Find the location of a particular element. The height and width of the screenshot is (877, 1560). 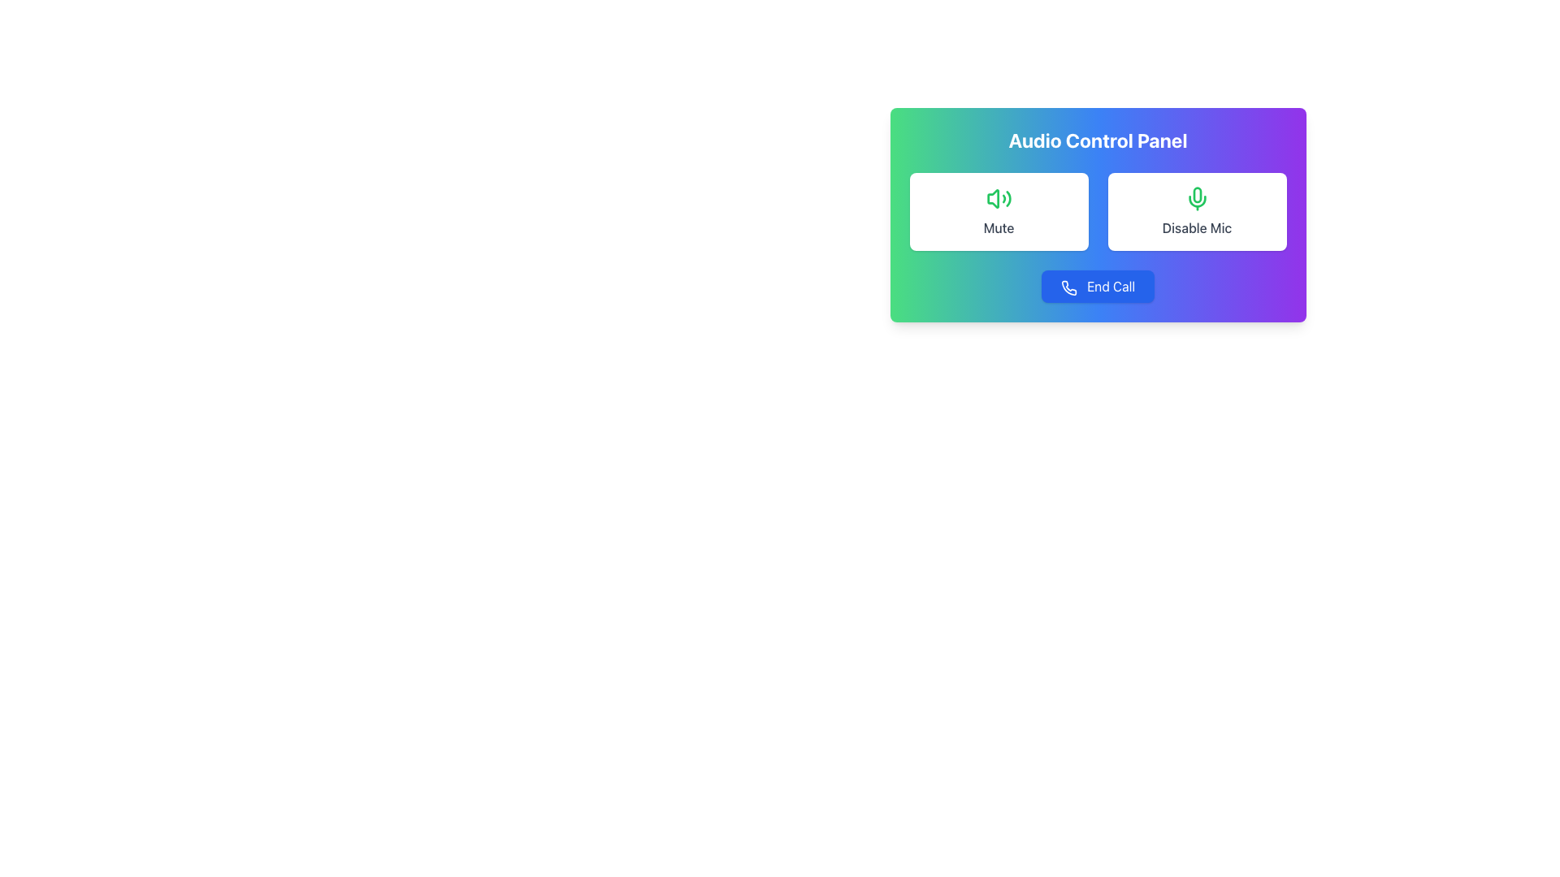

the 'Mute' text label, which is styled in medium-weight gray font and is positioned below the audio control icon in the Audio Control Panel interface is located at coordinates (998, 228).